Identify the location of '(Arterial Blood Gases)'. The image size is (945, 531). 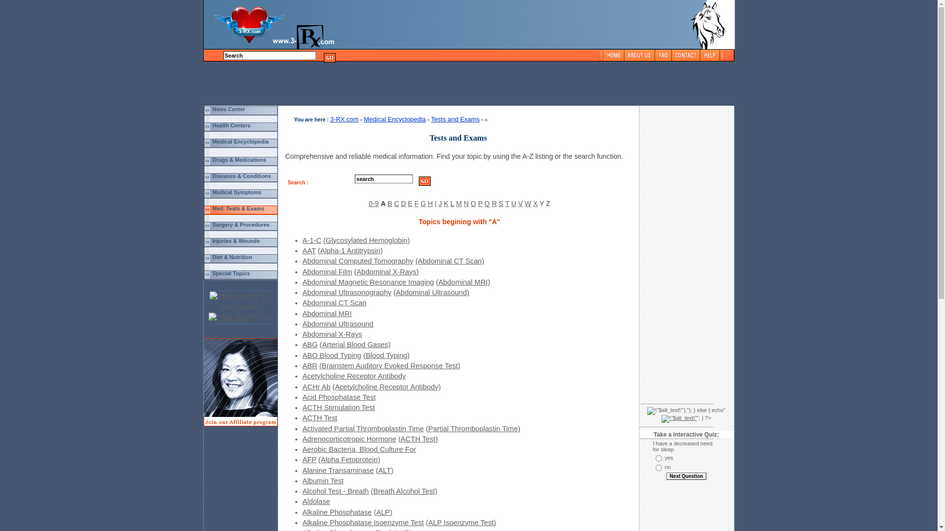
(354, 344).